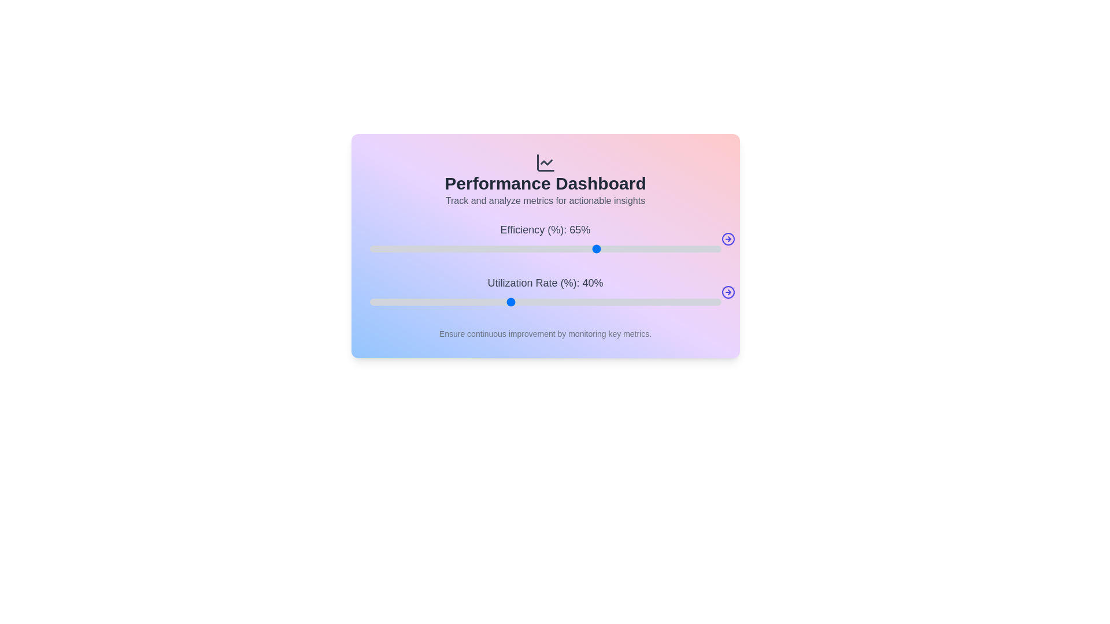 The image size is (1110, 624). What do you see at coordinates (548, 302) in the screenshot?
I see `the Utilization Rate slider to 51%` at bounding box center [548, 302].